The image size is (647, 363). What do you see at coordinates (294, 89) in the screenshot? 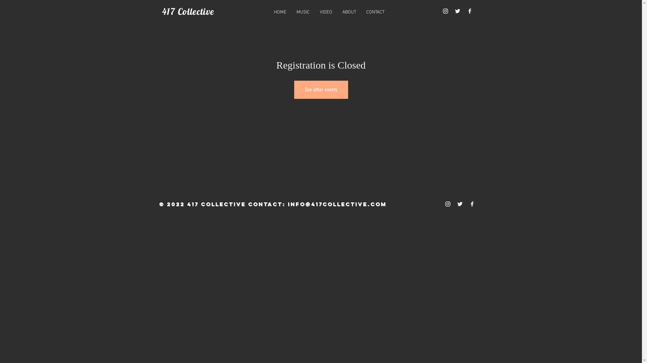
I see `'See other events'` at bounding box center [294, 89].